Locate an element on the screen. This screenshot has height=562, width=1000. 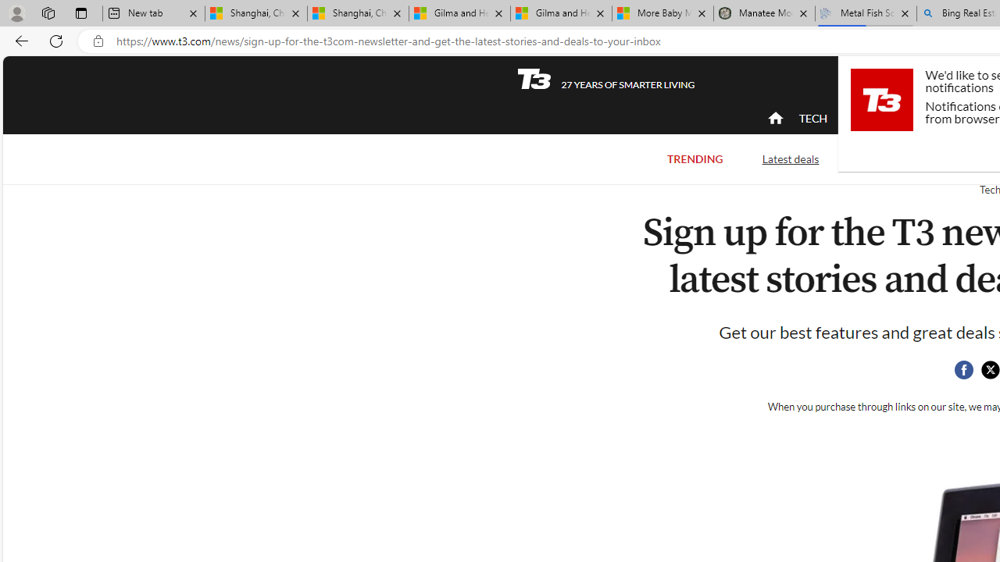
'Gilma and Hector both pose tropical trouble for Hawaii' is located at coordinates (561, 13).